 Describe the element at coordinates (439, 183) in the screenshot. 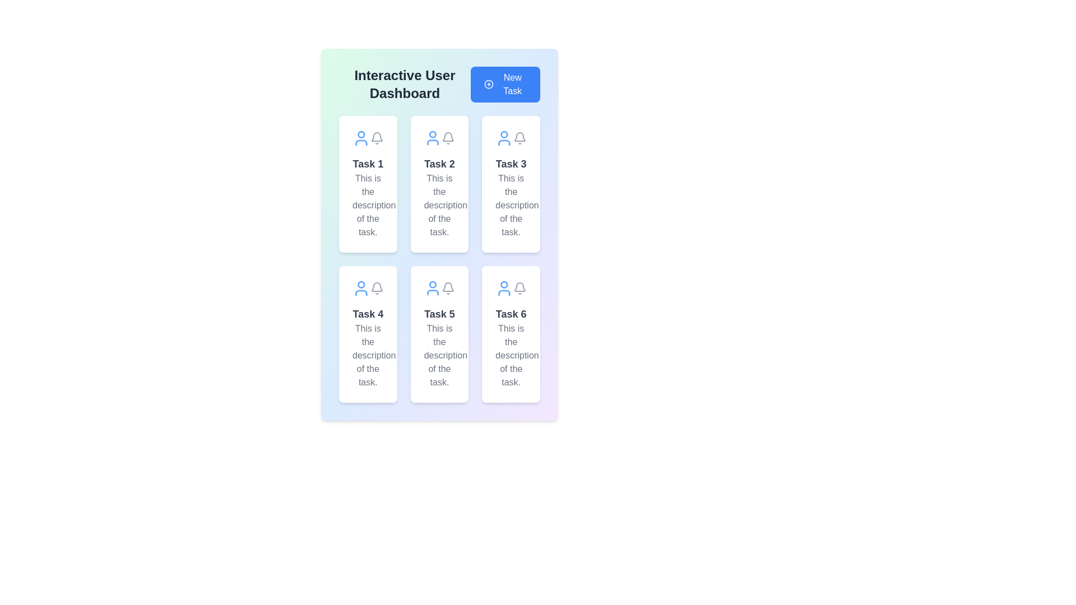

I see `the Card component that represents a task item, positioned in the second column of the first row, between 'Task 1' and 'Task 3'` at that location.